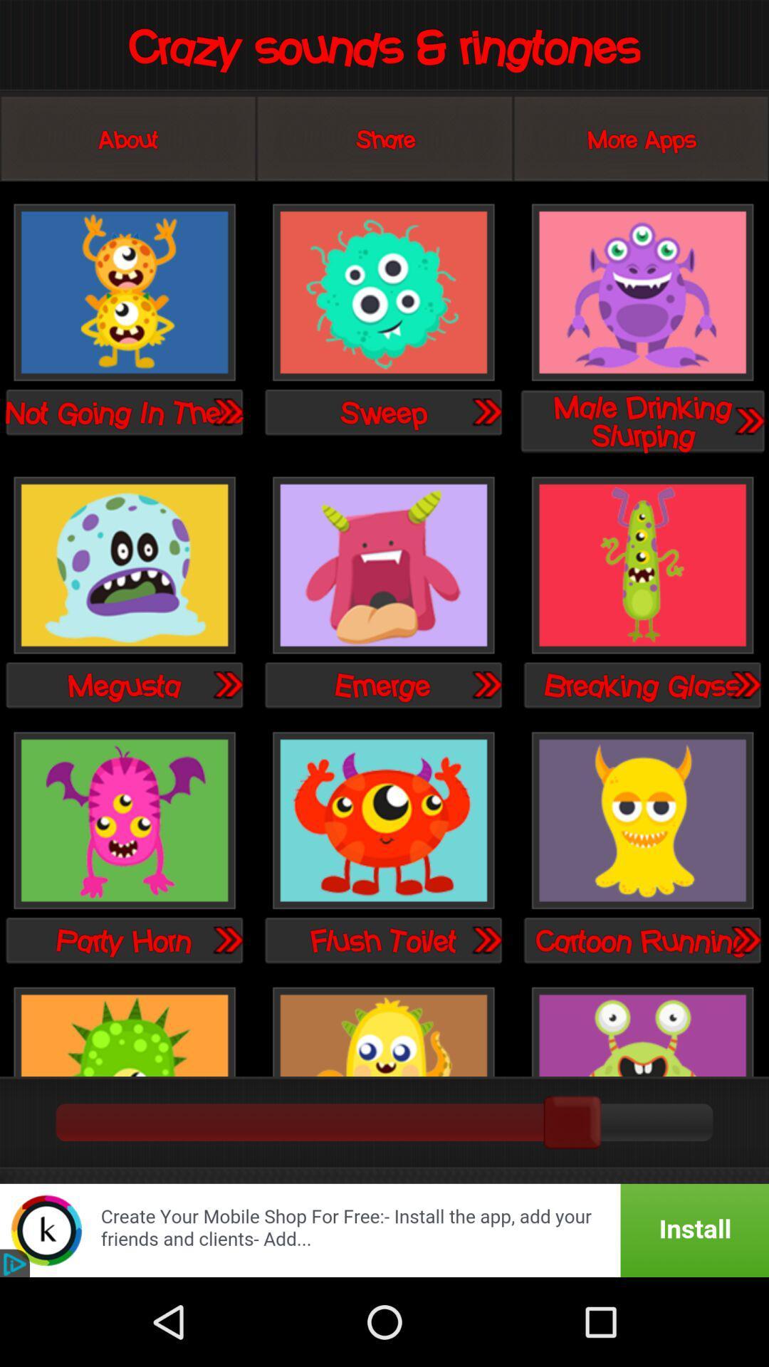 Image resolution: width=769 pixels, height=1367 pixels. I want to click on folder, so click(744, 684).